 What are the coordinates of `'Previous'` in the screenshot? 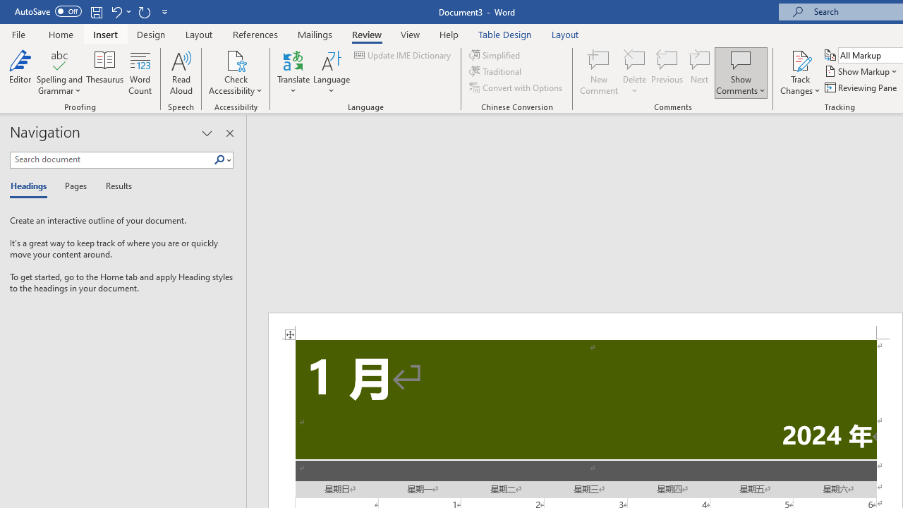 It's located at (667, 73).